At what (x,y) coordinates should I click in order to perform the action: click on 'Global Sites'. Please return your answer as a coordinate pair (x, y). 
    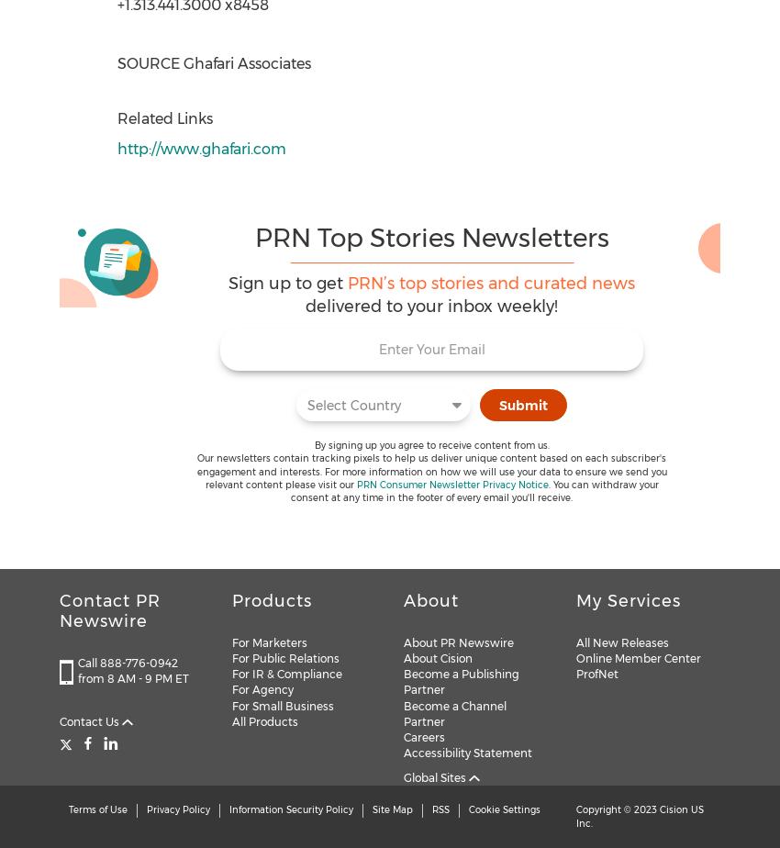
    Looking at the image, I should click on (402, 777).